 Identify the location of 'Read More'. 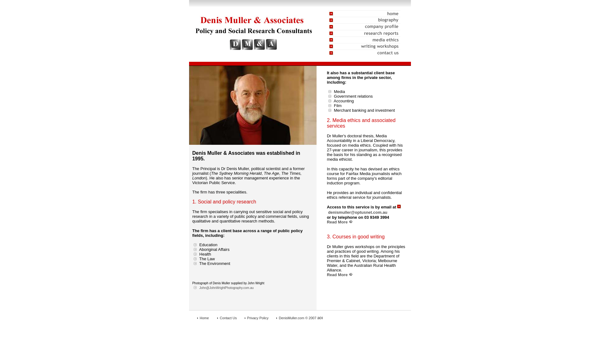
(337, 222).